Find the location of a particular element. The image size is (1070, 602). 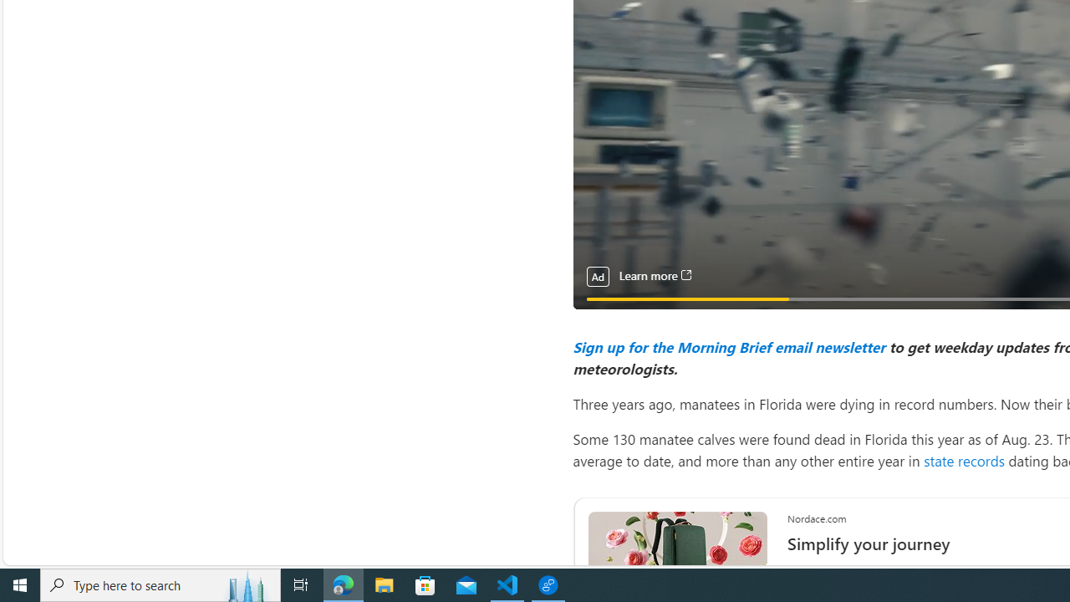

'Sign up for the Morning Brief email newsletter' is located at coordinates (728, 345).